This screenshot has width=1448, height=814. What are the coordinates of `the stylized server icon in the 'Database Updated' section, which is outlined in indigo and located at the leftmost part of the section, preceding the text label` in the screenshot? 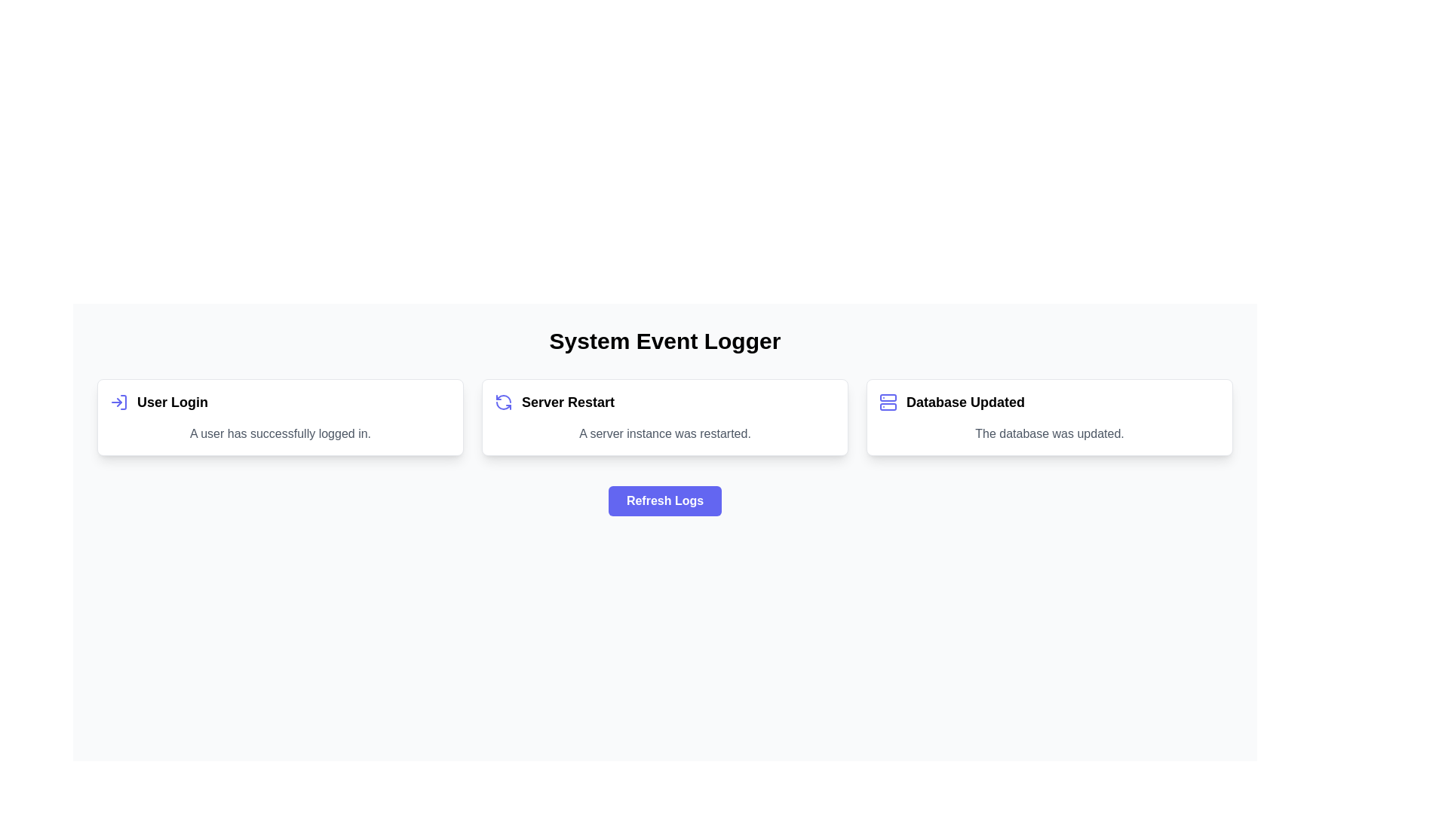 It's located at (888, 401).